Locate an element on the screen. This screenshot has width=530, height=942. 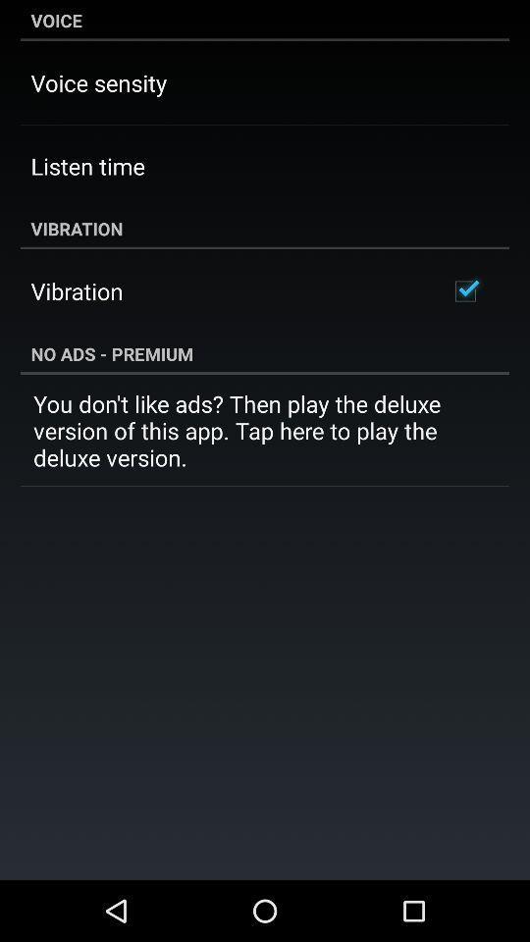
you don t item is located at coordinates (265, 430).